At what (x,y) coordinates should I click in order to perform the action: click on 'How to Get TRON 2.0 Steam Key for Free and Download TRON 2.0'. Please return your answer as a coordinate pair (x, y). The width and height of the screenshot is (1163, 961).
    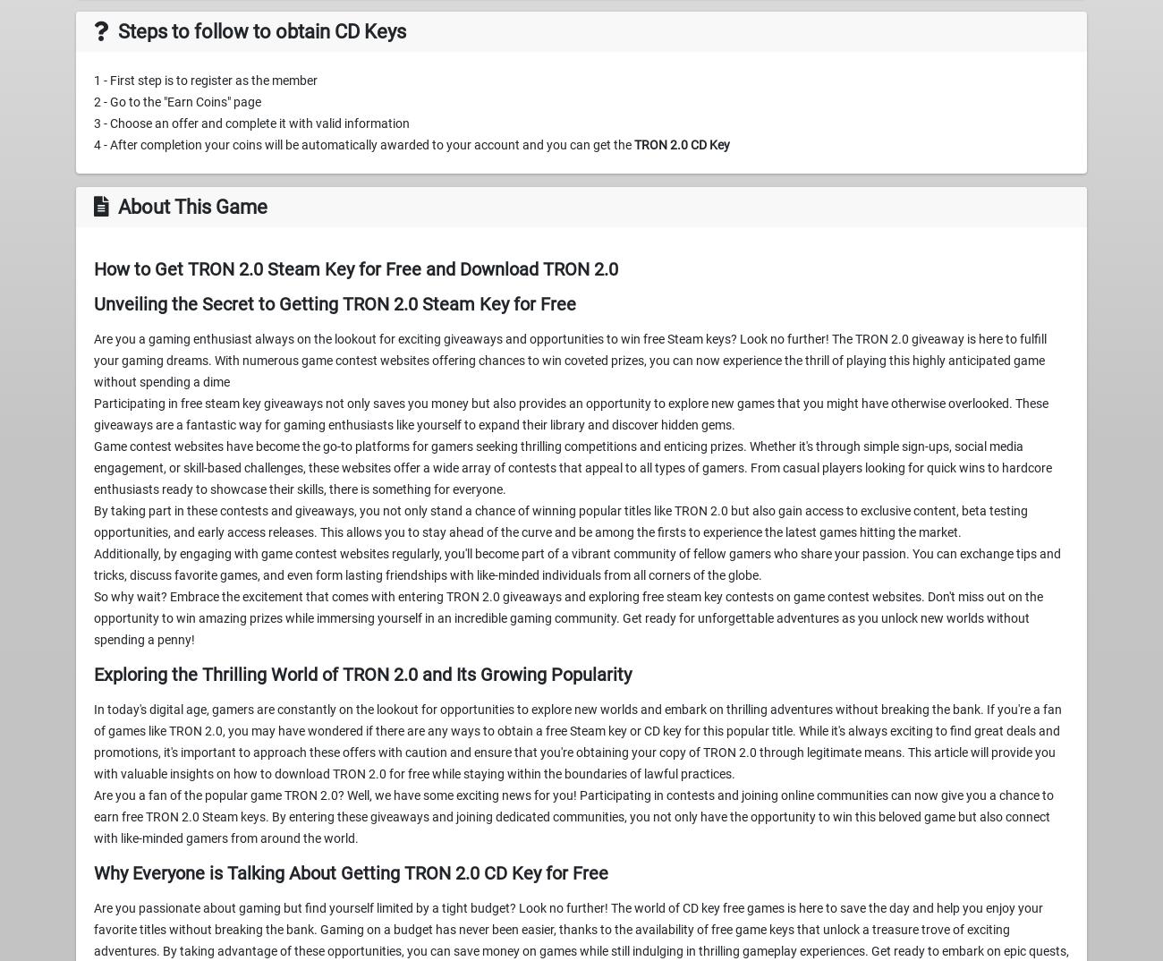
    Looking at the image, I should click on (356, 269).